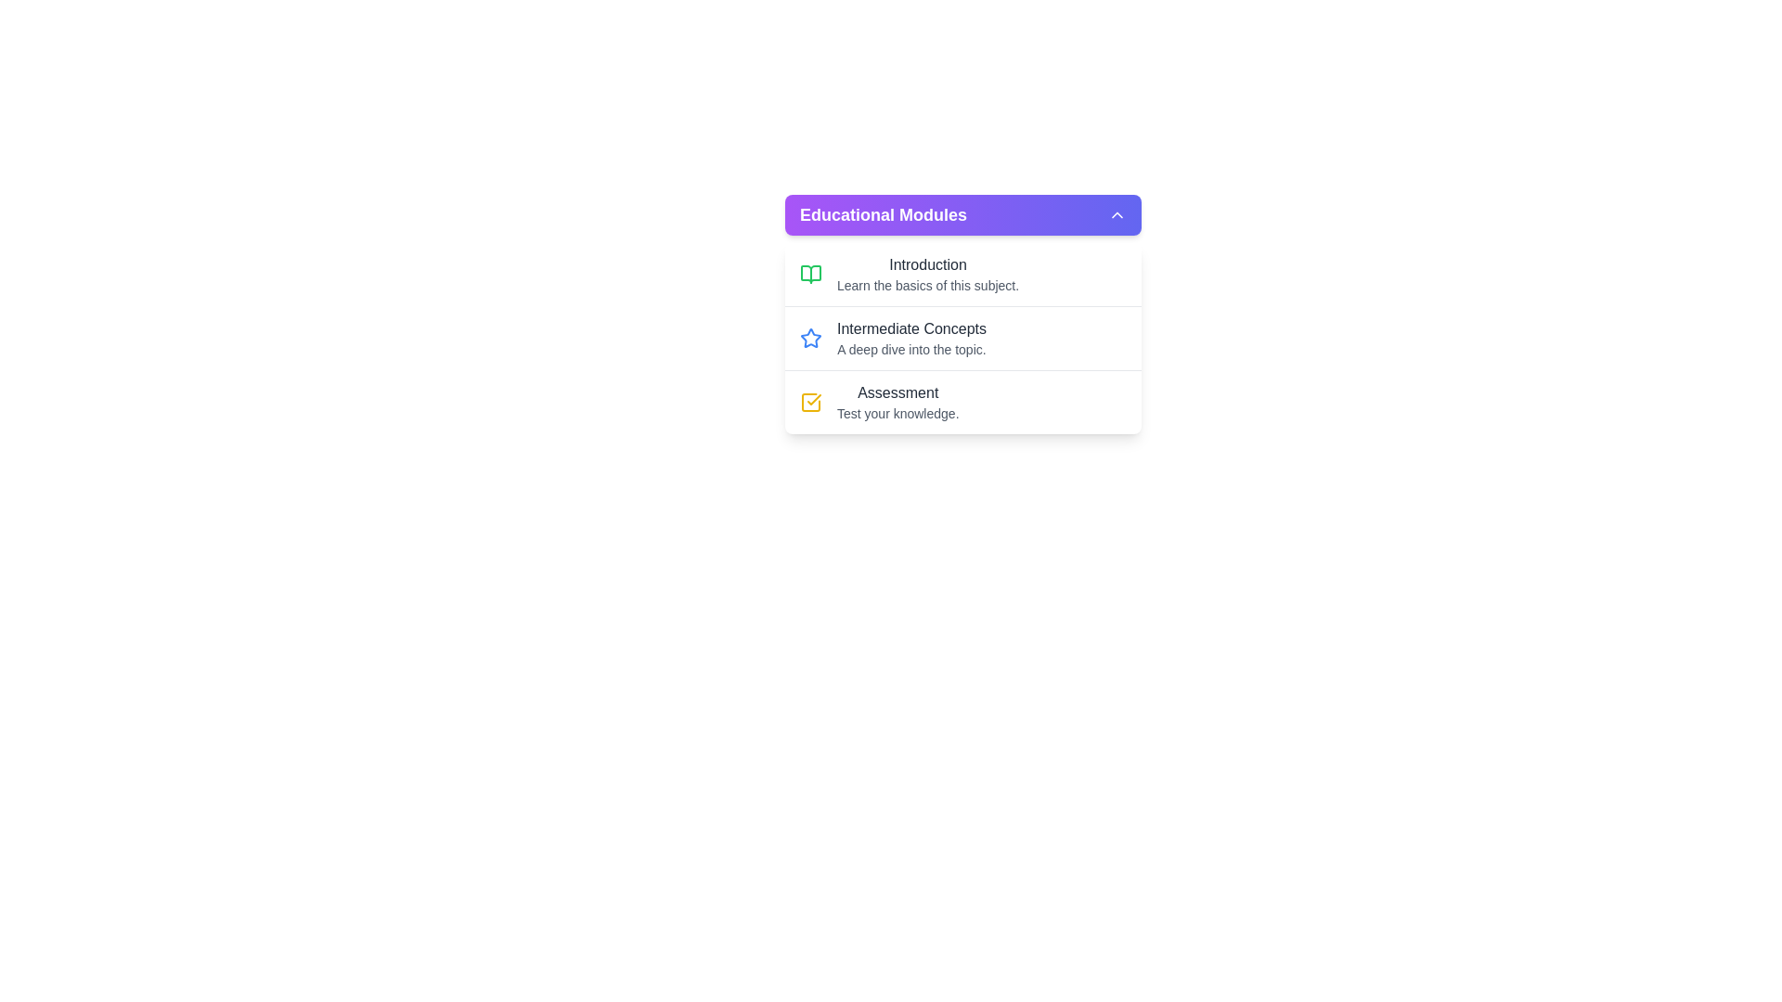 The height and width of the screenshot is (1002, 1782). What do you see at coordinates (911, 350) in the screenshot?
I see `text label that displays 'A deep dive into the topic.' located under the 'Intermediate Concepts' heading in the 'Educational Modules' section` at bounding box center [911, 350].